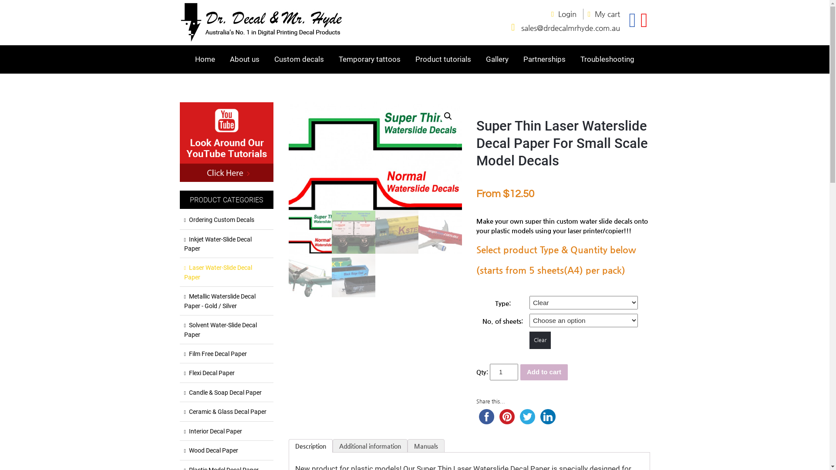 This screenshot has width=836, height=470. I want to click on 'Product tutorials', so click(443, 59).